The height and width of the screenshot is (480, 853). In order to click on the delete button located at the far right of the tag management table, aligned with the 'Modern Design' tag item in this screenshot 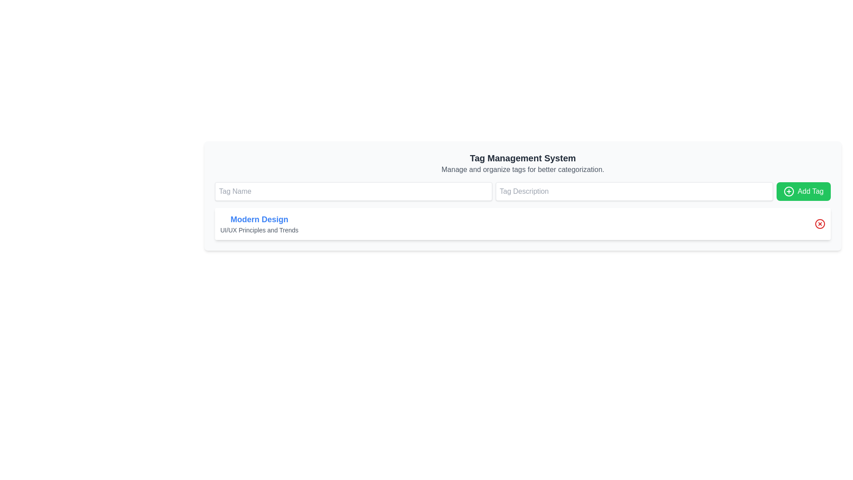, I will do `click(820, 224)`.